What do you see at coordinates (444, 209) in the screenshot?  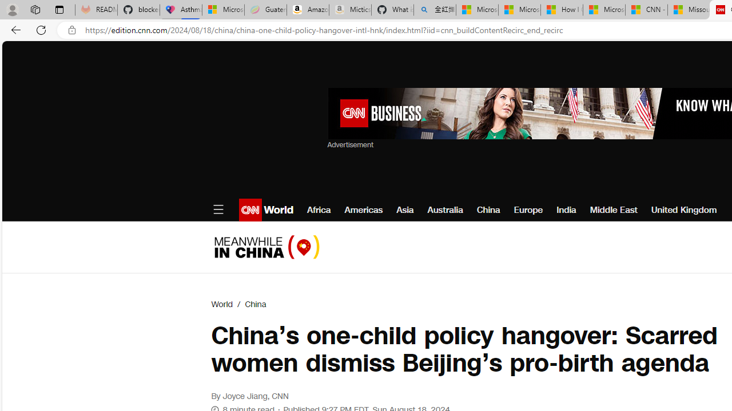 I see `'Australia'` at bounding box center [444, 209].